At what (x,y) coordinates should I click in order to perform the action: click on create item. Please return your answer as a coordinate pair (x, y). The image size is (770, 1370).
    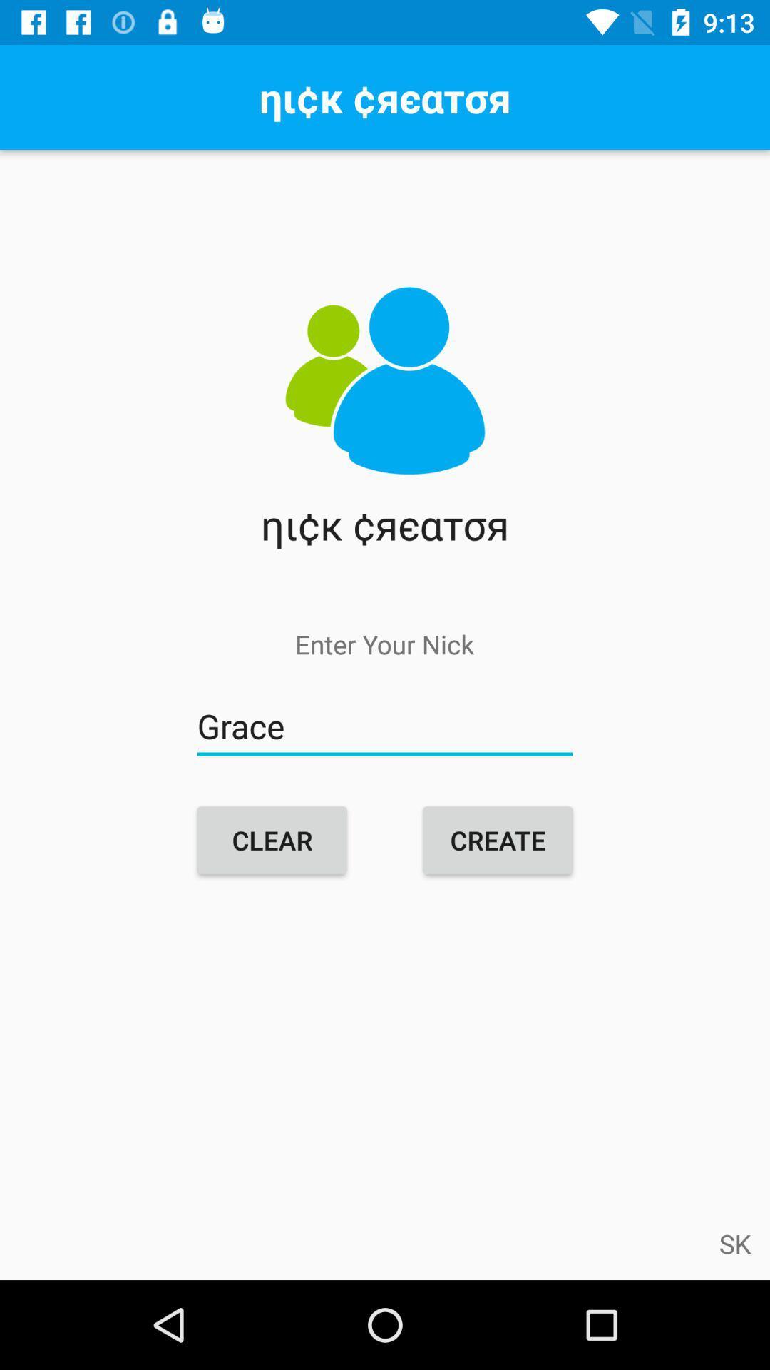
    Looking at the image, I should click on (497, 840).